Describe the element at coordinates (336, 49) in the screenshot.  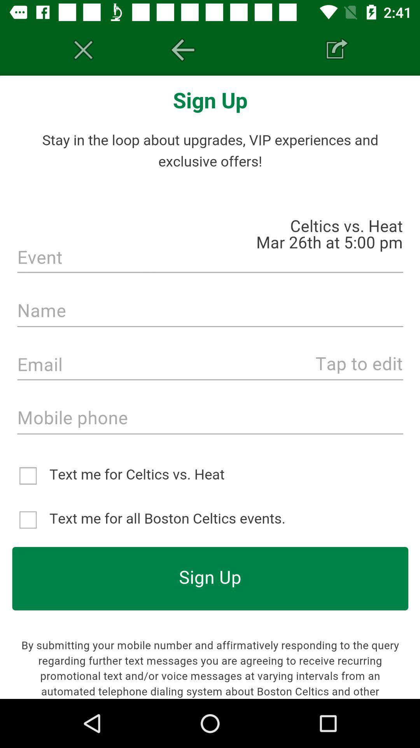
I see `send` at that location.